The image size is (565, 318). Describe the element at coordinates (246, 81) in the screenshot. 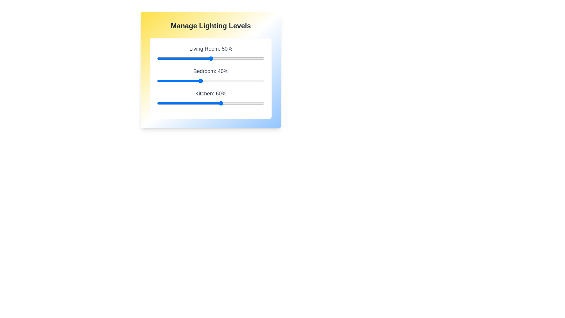

I see `the Bedroom lighting slider to 83%` at that location.